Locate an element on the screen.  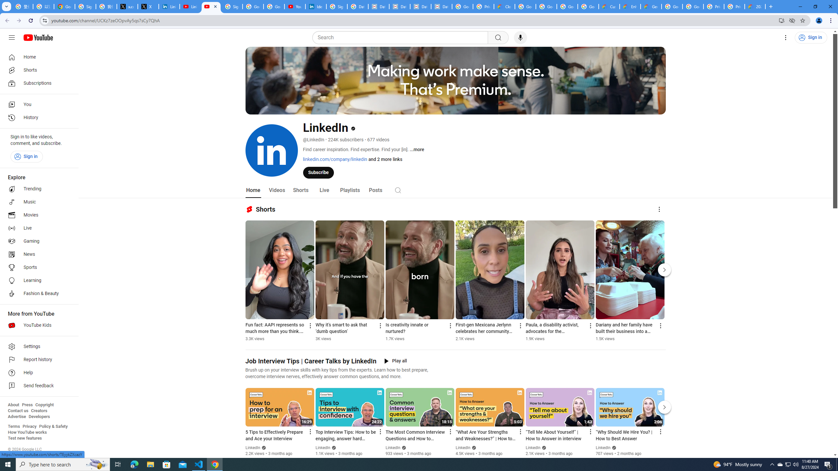
'Guide' is located at coordinates (11, 37).